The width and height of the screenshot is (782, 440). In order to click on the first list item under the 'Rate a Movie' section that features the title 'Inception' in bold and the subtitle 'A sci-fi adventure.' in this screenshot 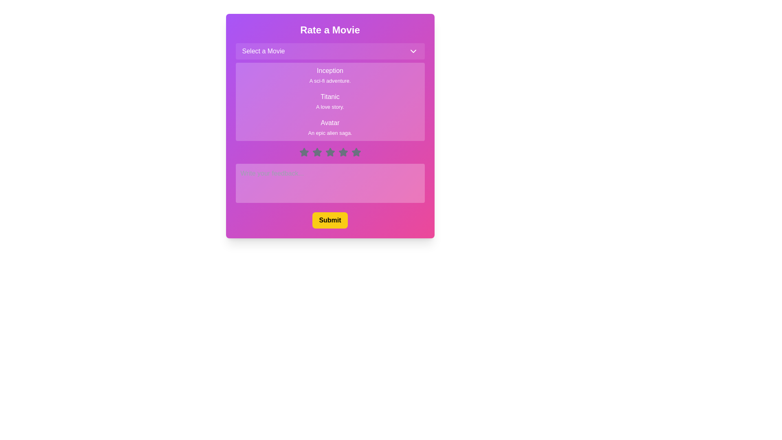, I will do `click(330, 75)`.